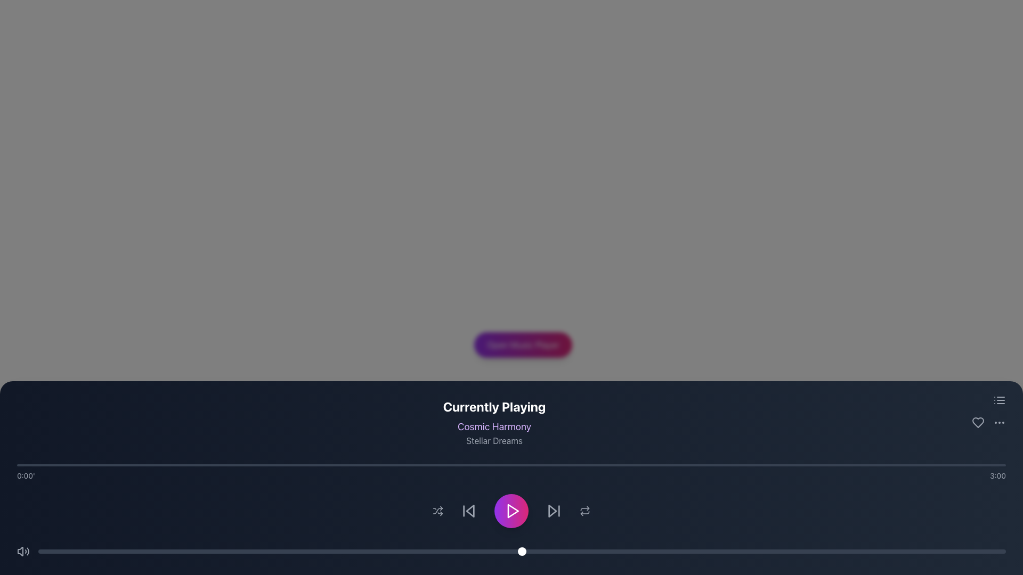 The image size is (1023, 575). I want to click on the skip back button located in the media control bar, which is the second icon to the left of the central play button, so click(468, 511).